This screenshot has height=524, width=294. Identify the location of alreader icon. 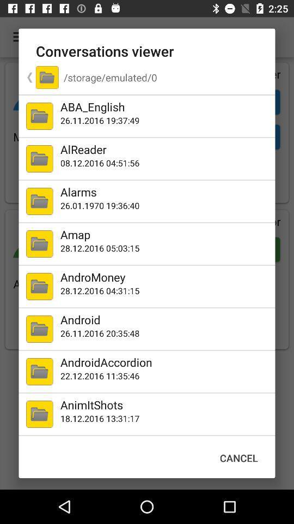
(165, 148).